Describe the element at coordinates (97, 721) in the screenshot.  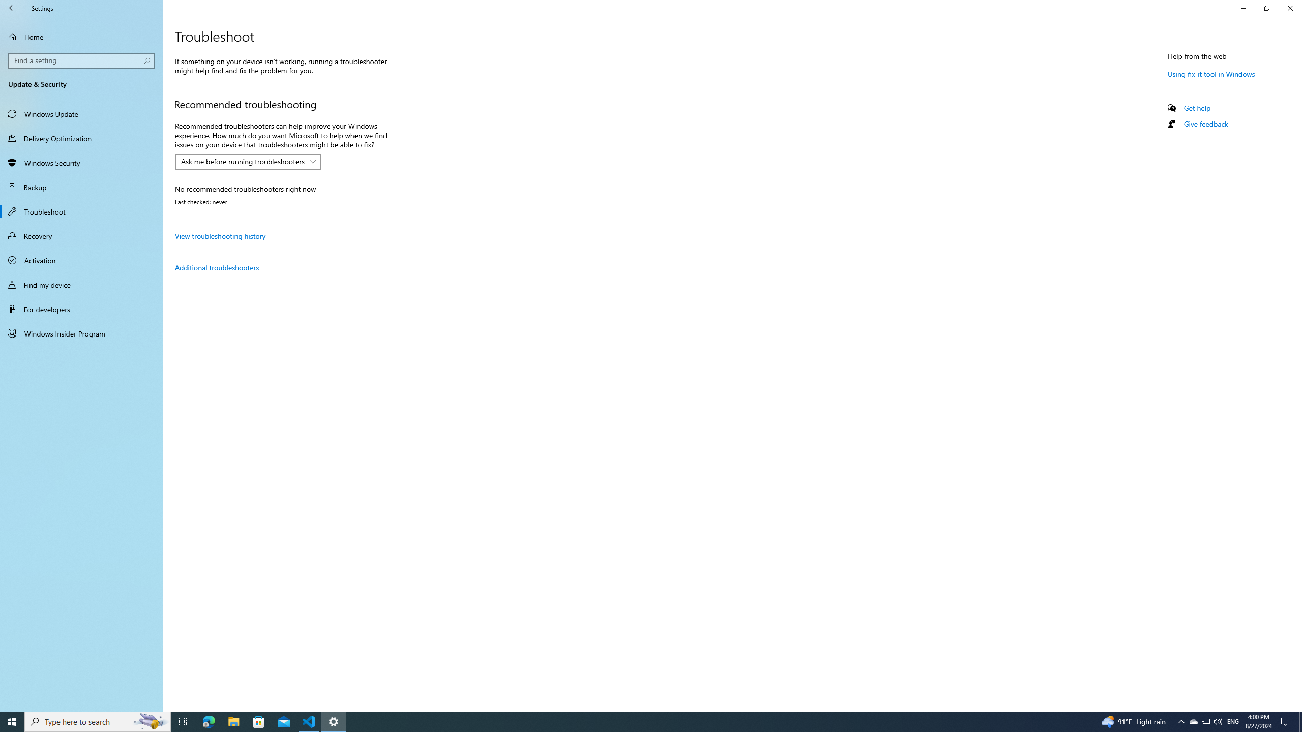
I see `'Type here to search'` at that location.